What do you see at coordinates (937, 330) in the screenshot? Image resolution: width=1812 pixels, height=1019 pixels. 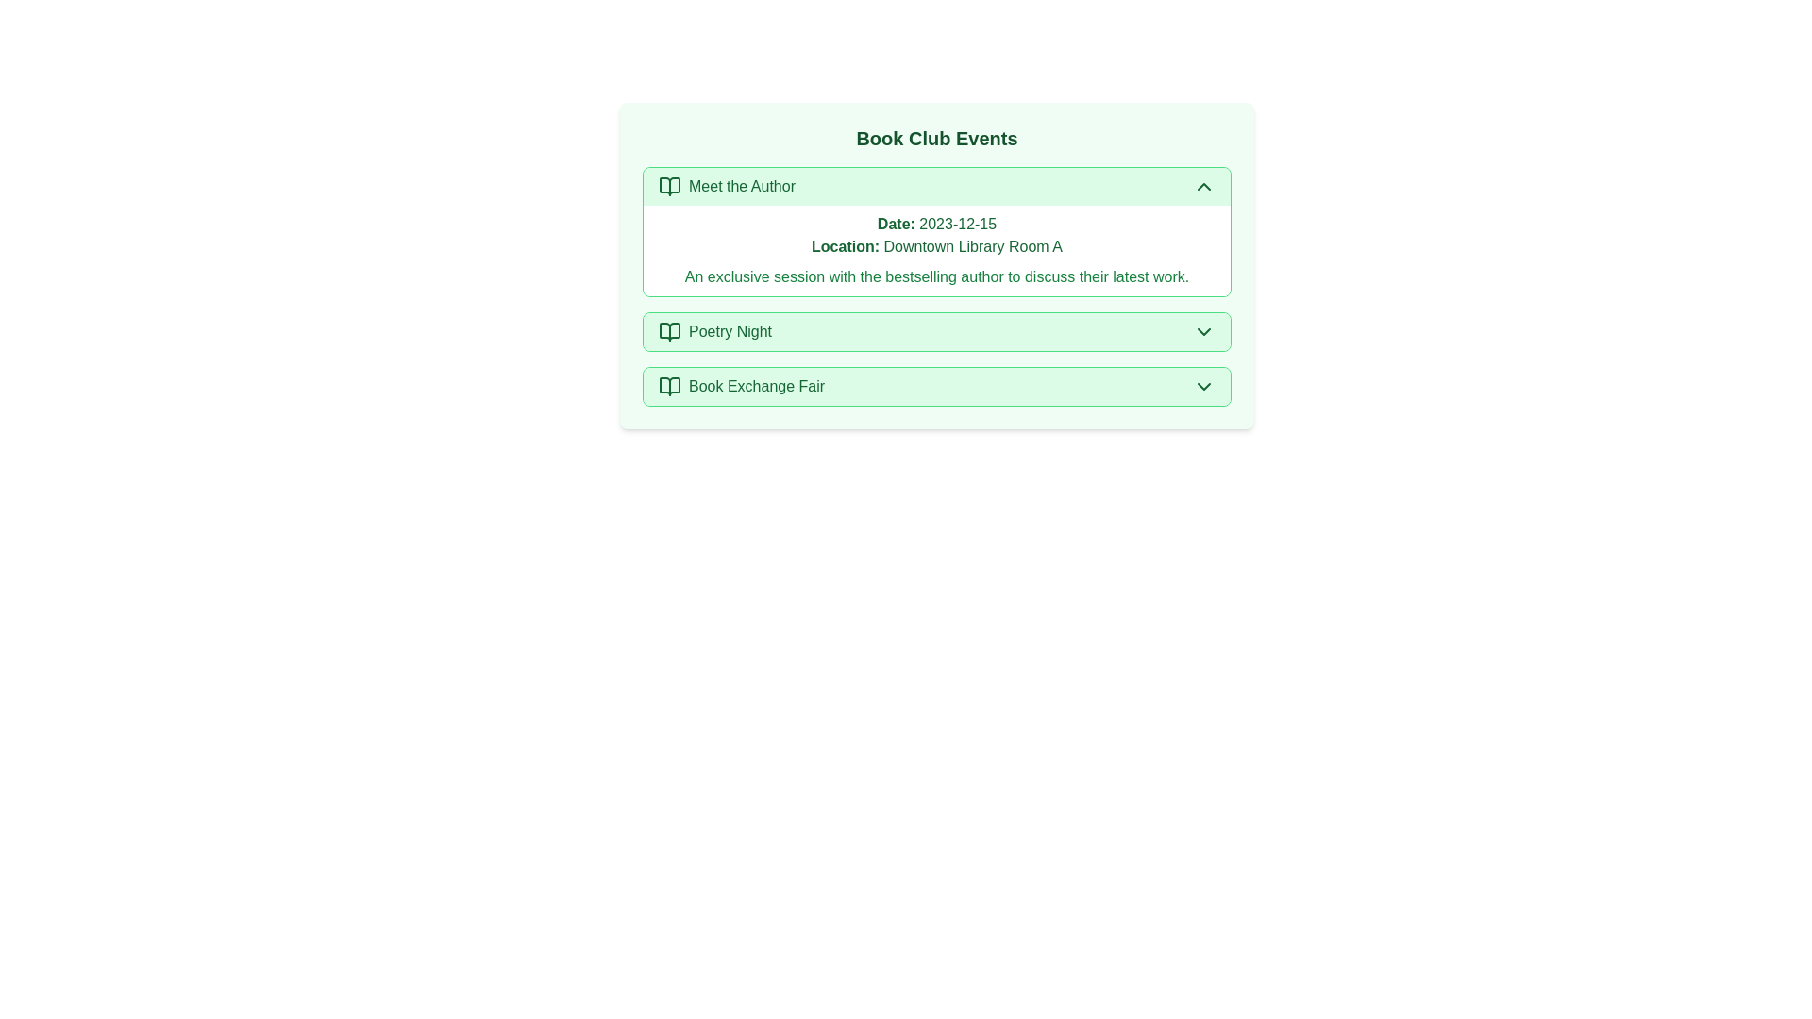 I see `the 'Poetry Night' interactive item` at bounding box center [937, 330].